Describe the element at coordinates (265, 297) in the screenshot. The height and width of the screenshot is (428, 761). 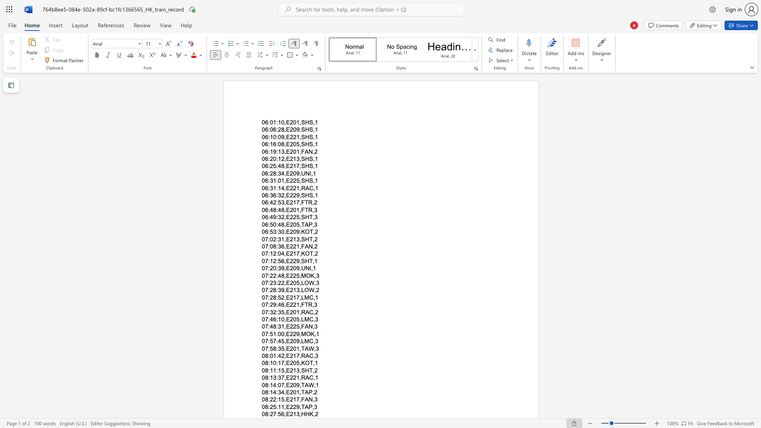
I see `the space between the continuous character "0" and "7" in the text` at that location.